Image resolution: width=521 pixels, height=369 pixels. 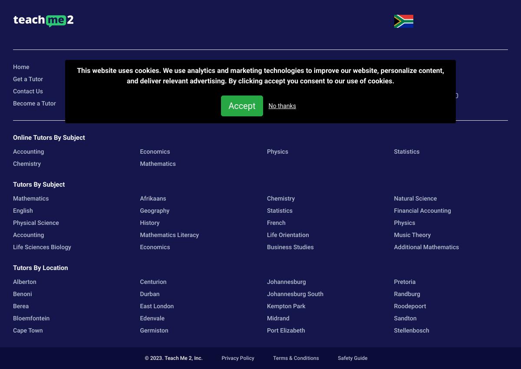 I want to click on 'Pretoria', so click(x=393, y=282).